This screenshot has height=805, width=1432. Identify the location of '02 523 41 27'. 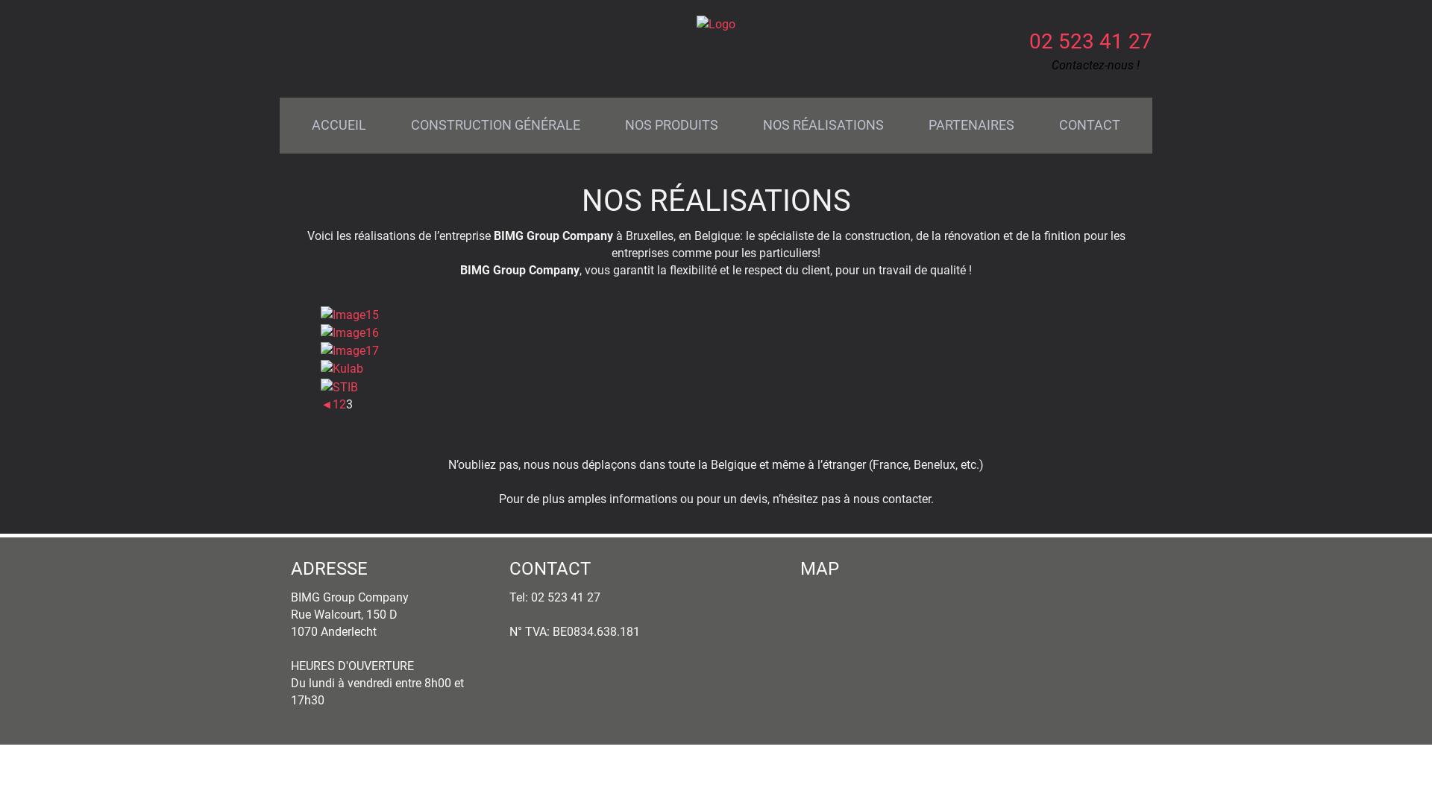
(1090, 40).